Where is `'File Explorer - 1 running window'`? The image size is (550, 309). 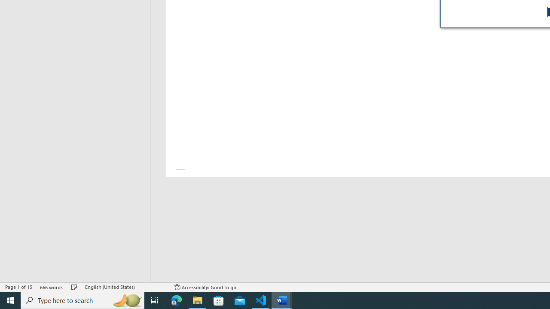 'File Explorer - 1 running window' is located at coordinates (197, 300).